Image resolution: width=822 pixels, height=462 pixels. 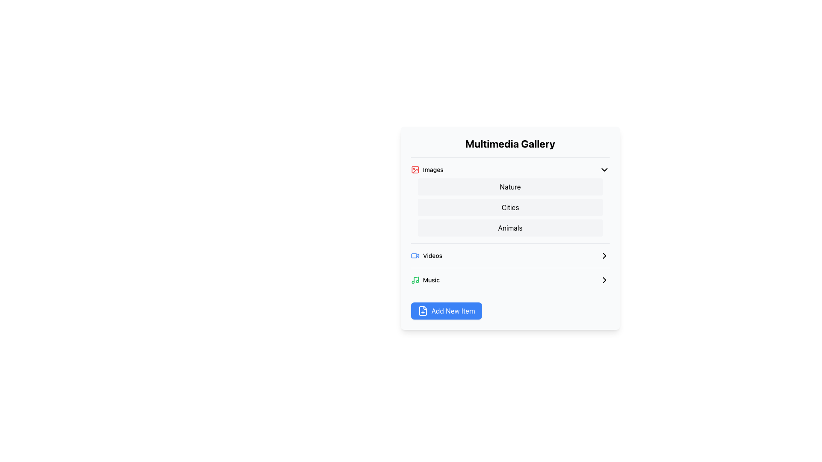 I want to click on the document-like icon with a plus sign, located to the left of the 'Add New Item' text within the blue button at the bottom of the interface in the 'Multimedia Gallery' section, so click(x=423, y=311).